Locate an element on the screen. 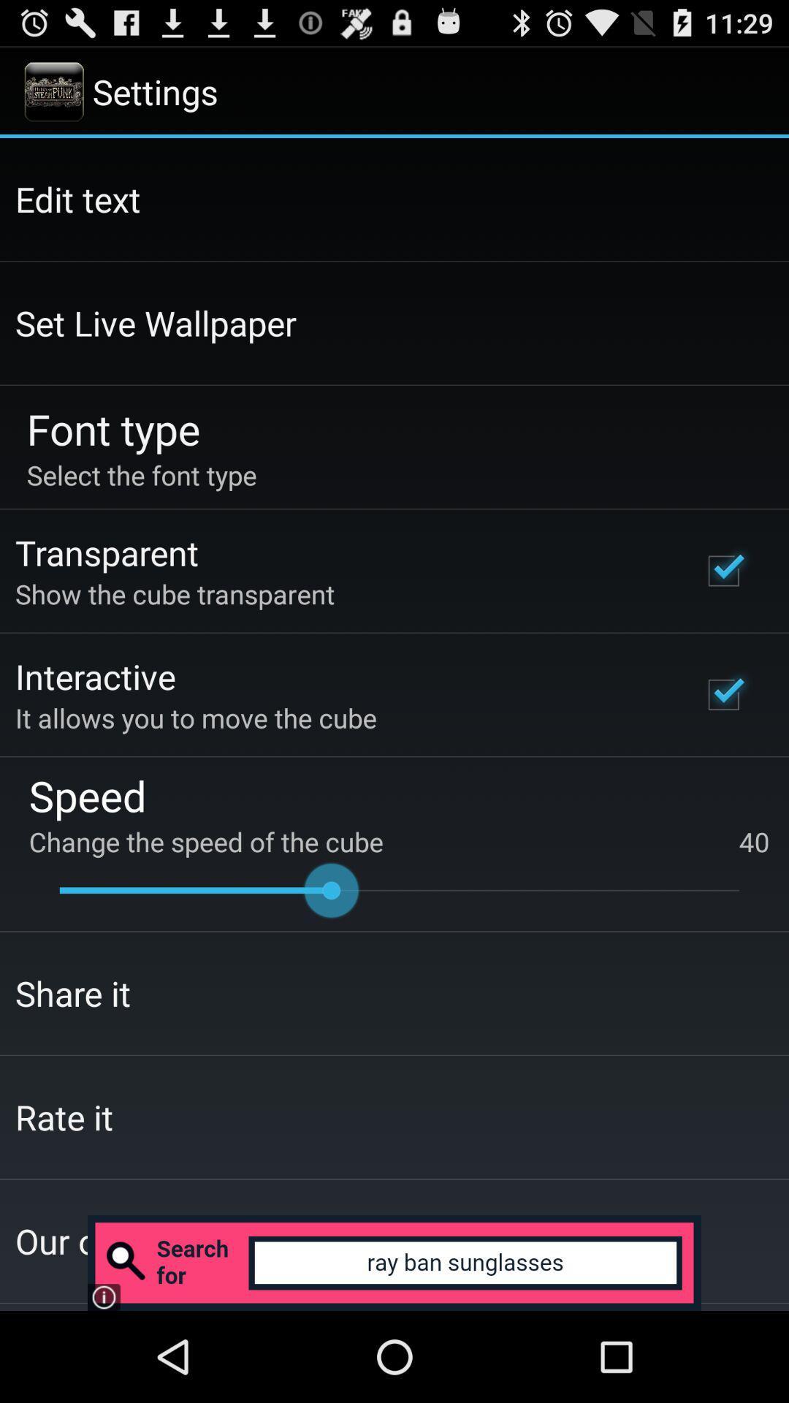 The width and height of the screenshot is (789, 1403). the icon below interactive app is located at coordinates (195, 718).